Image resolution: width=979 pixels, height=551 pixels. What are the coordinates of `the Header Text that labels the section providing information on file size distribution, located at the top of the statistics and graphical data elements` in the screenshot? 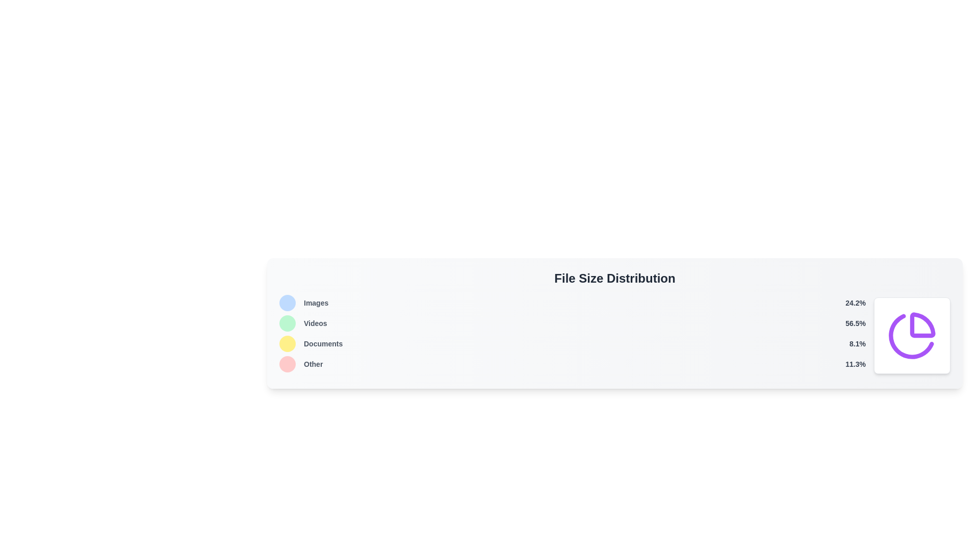 It's located at (614, 279).